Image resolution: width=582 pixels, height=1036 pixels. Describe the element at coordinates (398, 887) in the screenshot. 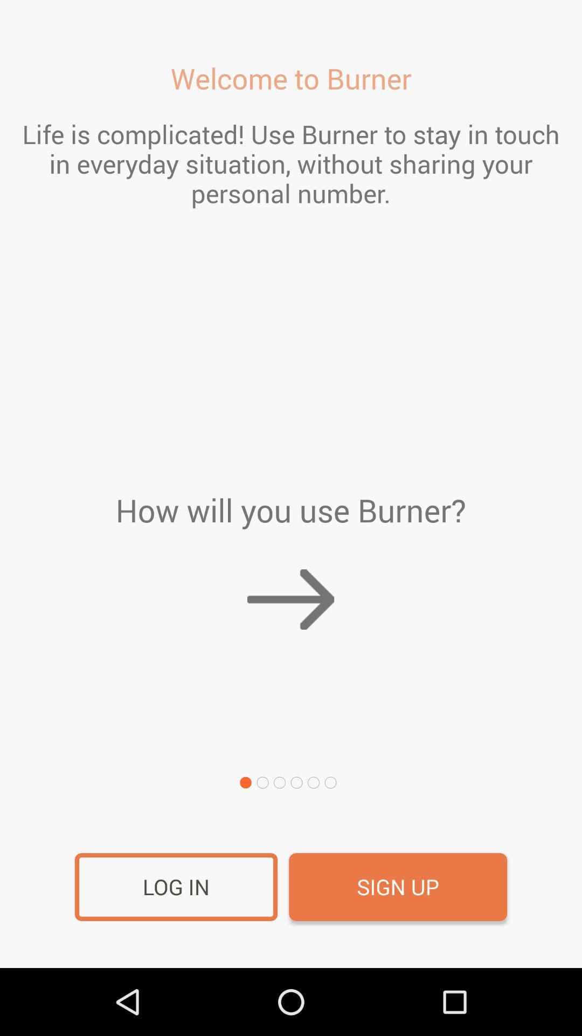

I see `sign up` at that location.